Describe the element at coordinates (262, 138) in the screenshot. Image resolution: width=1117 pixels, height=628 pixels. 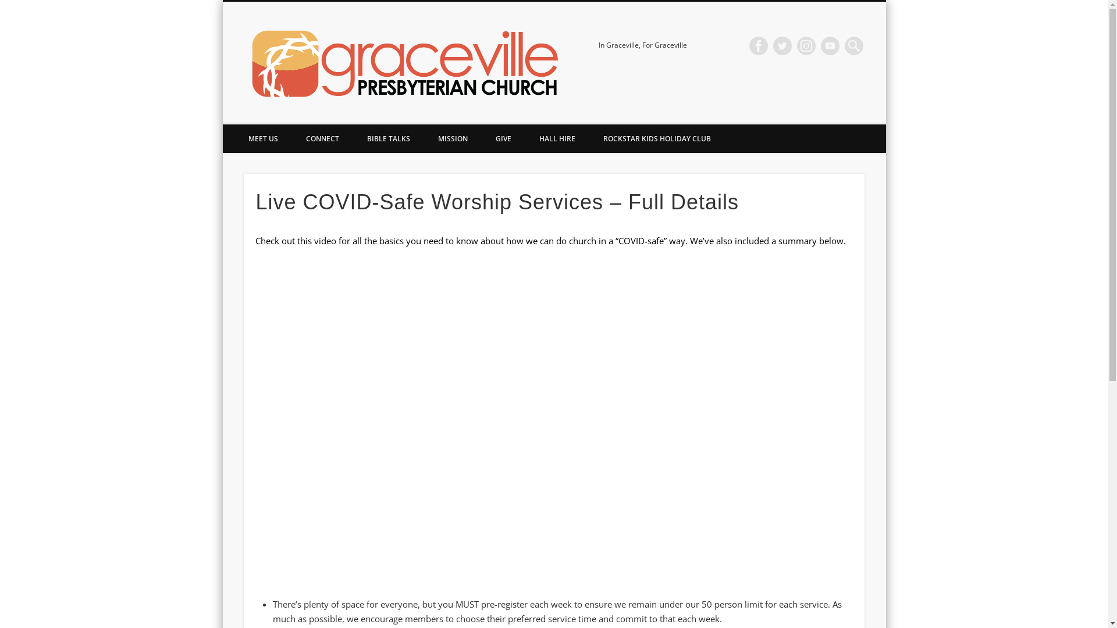
I see `'MEET US'` at that location.